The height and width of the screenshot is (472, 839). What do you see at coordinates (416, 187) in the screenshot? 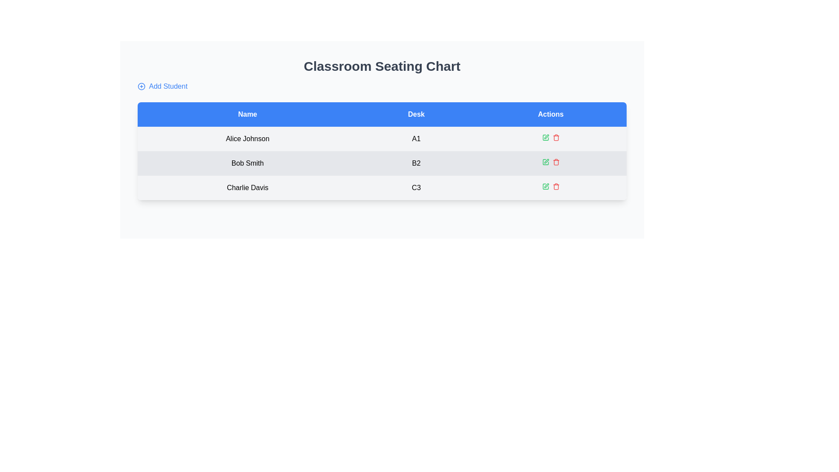
I see `the text label displaying 'C3' located in the second column of the third row of a table under the 'Desk' header` at bounding box center [416, 187].